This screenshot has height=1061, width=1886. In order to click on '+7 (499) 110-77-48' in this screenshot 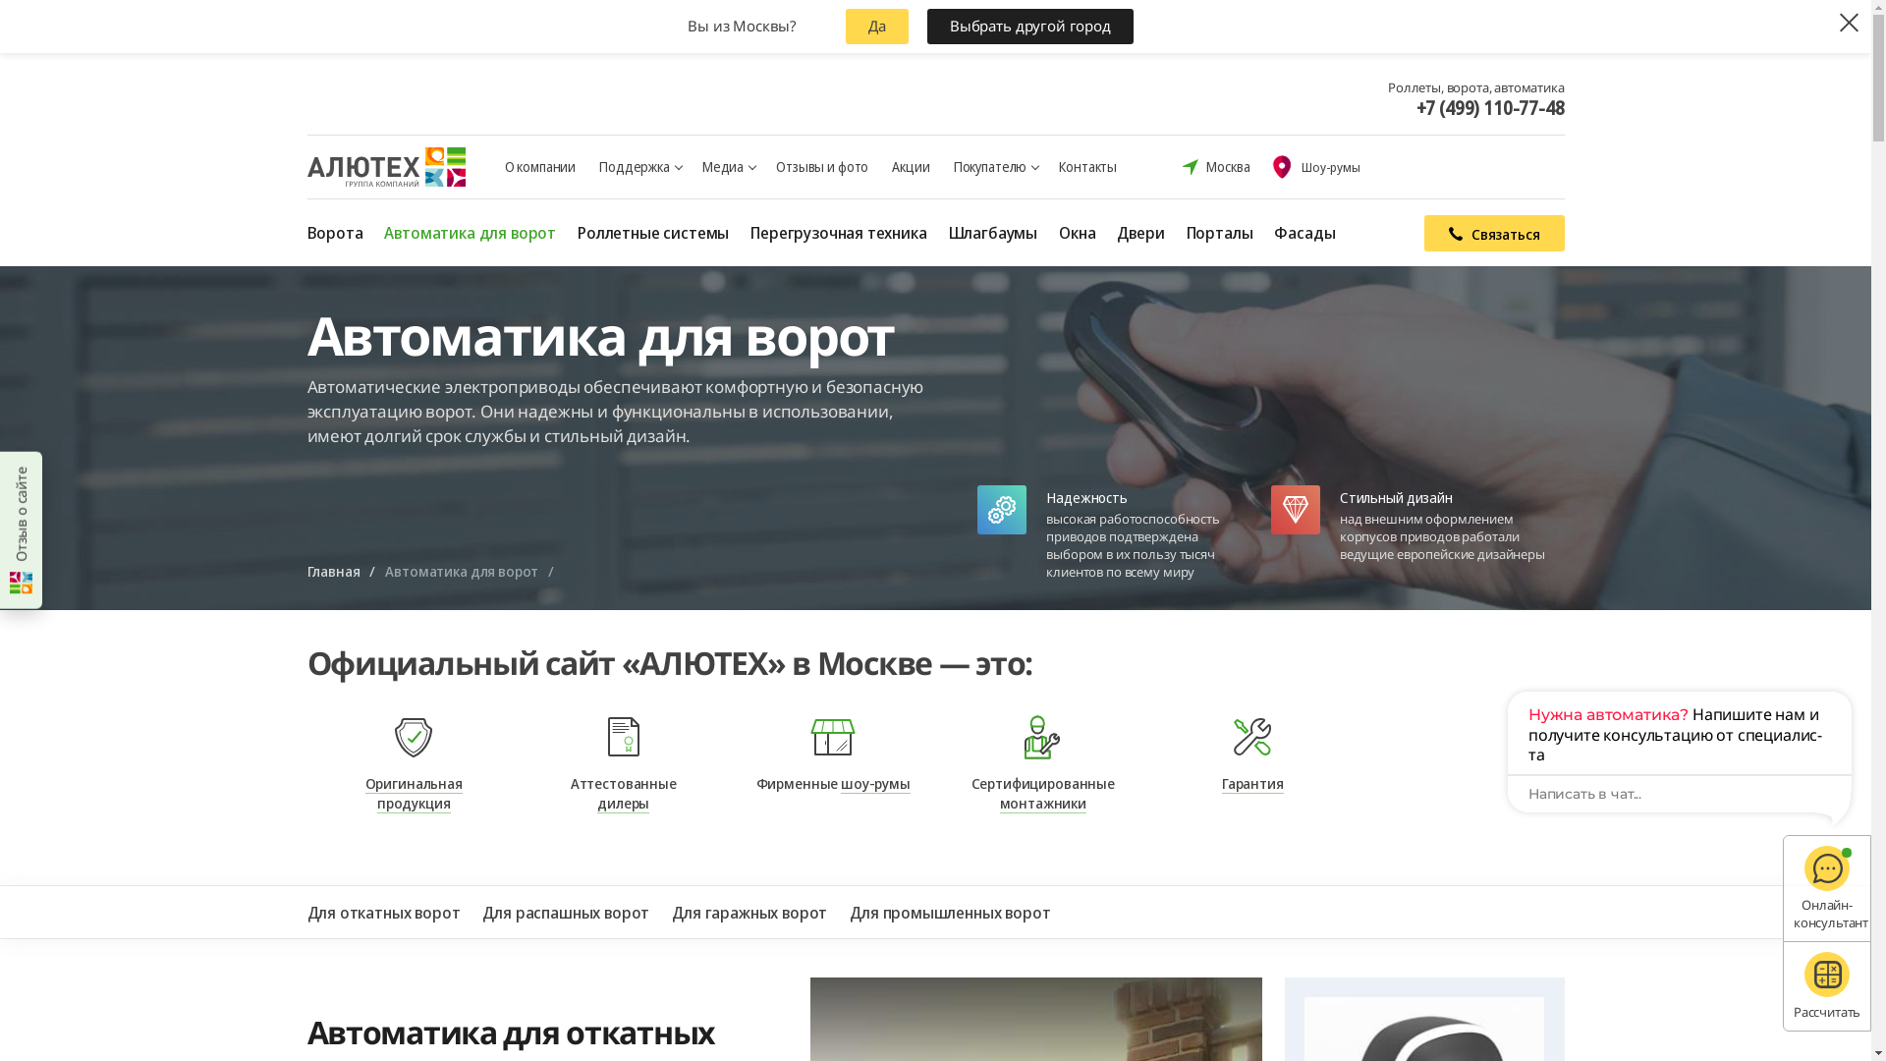, I will do `click(1415, 108)`.